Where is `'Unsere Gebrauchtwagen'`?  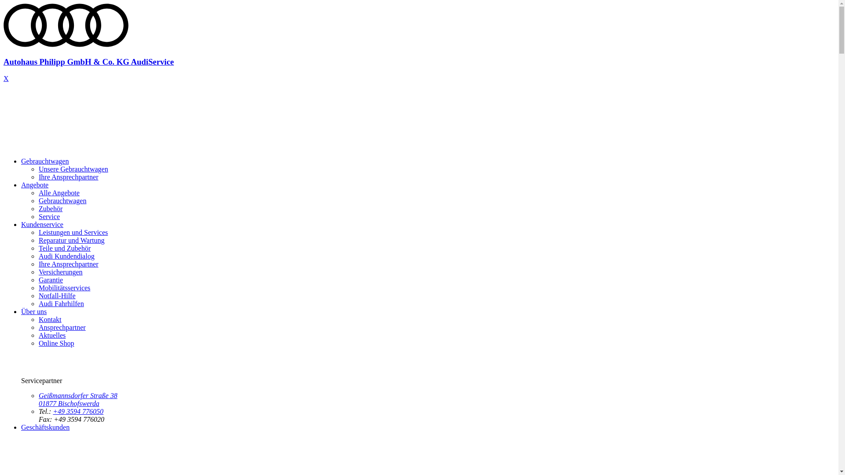 'Unsere Gebrauchtwagen' is located at coordinates (73, 169).